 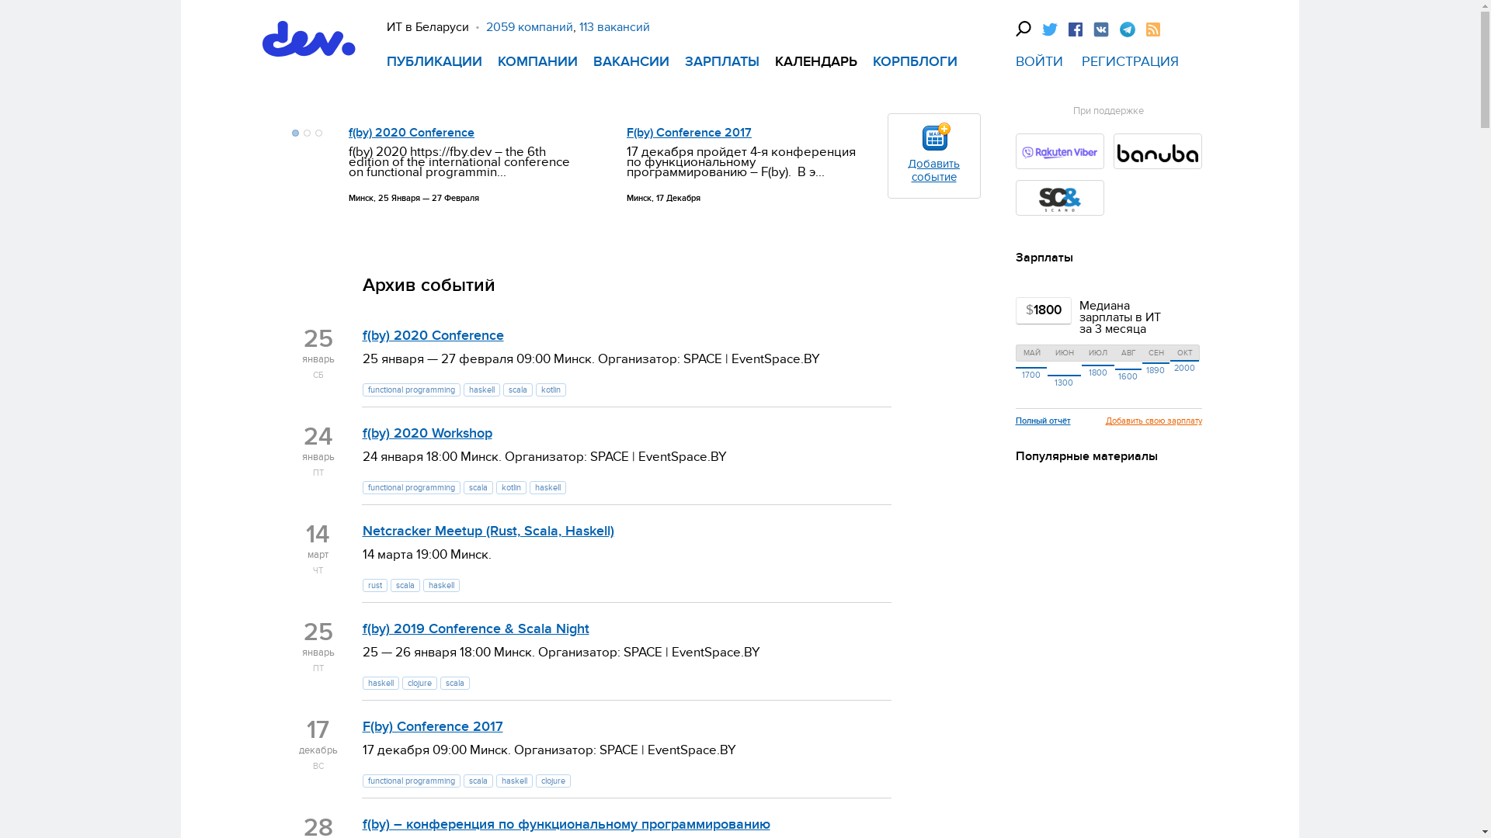 What do you see at coordinates (474, 628) in the screenshot?
I see `'f(by) 2019 Conference & Scala Night'` at bounding box center [474, 628].